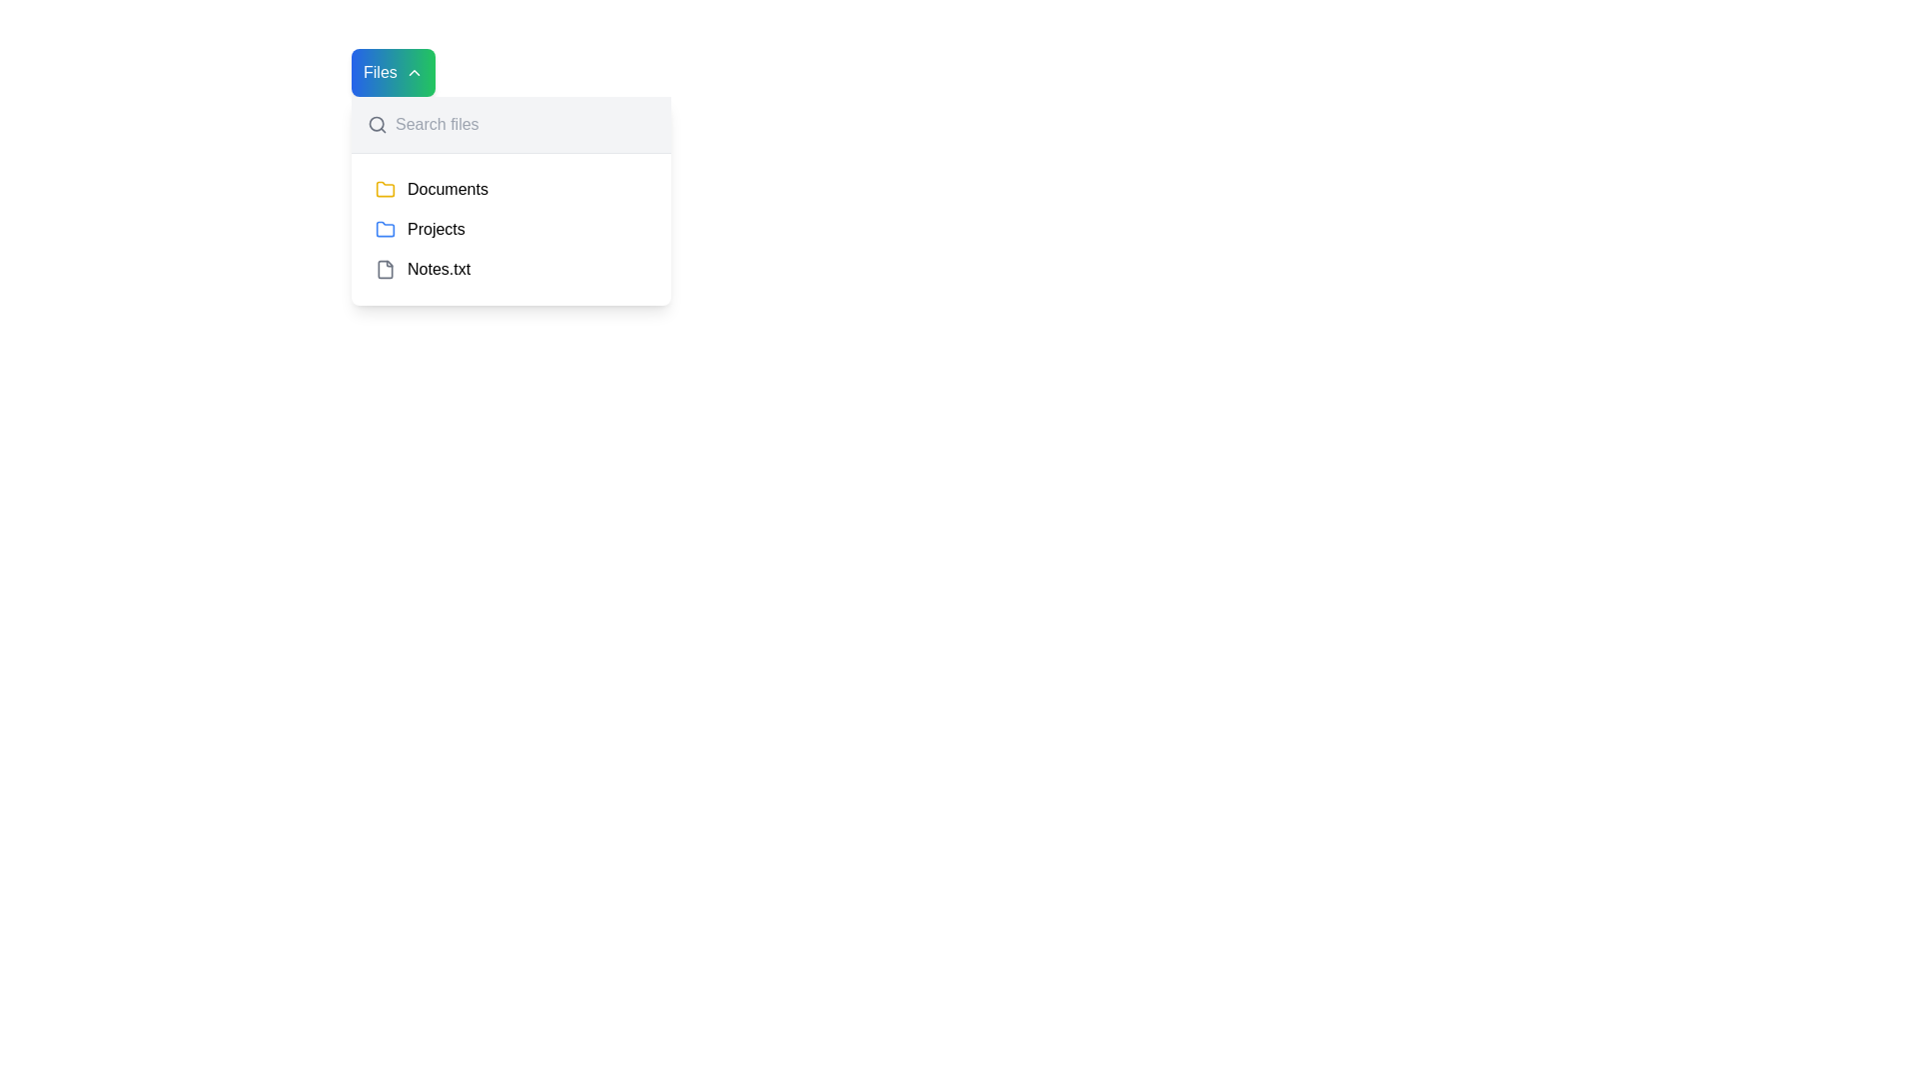  What do you see at coordinates (385, 189) in the screenshot?
I see `the yellow folder-shaped icon with rounded corners located to the right of the 'Documents' label in the file menu` at bounding box center [385, 189].